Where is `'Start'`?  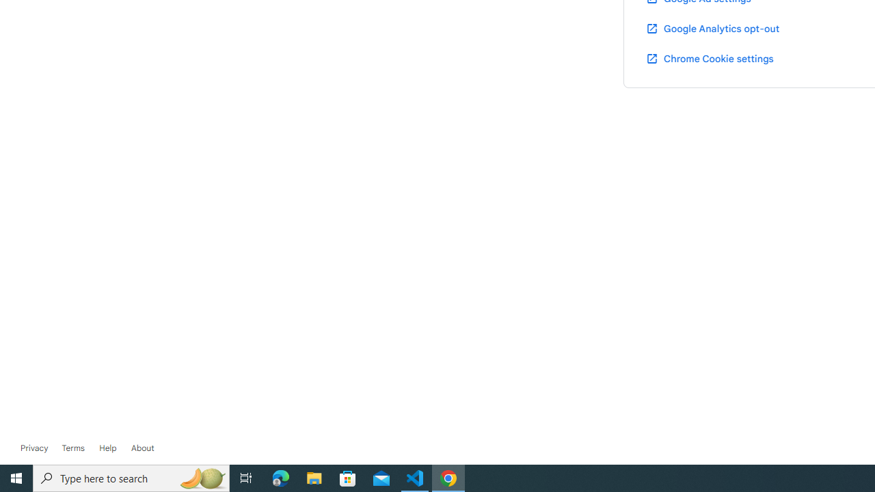
'Start' is located at coordinates (16, 477).